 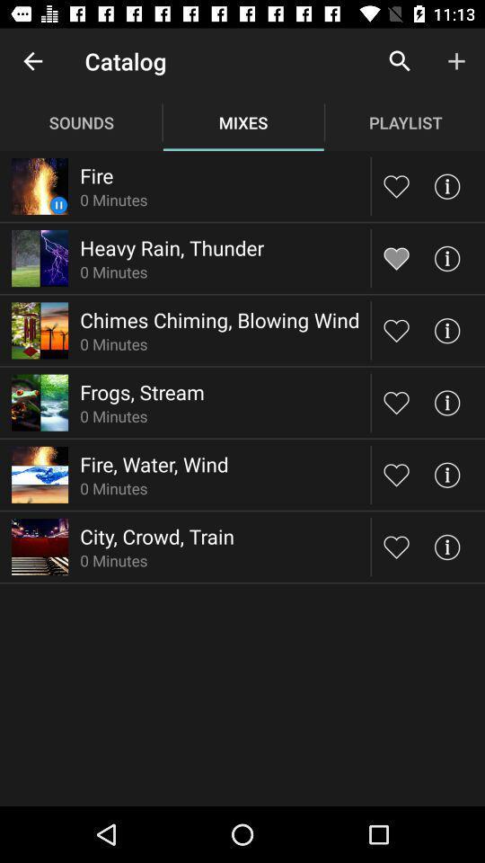 What do you see at coordinates (32, 61) in the screenshot?
I see `icon to the left of catalog` at bounding box center [32, 61].